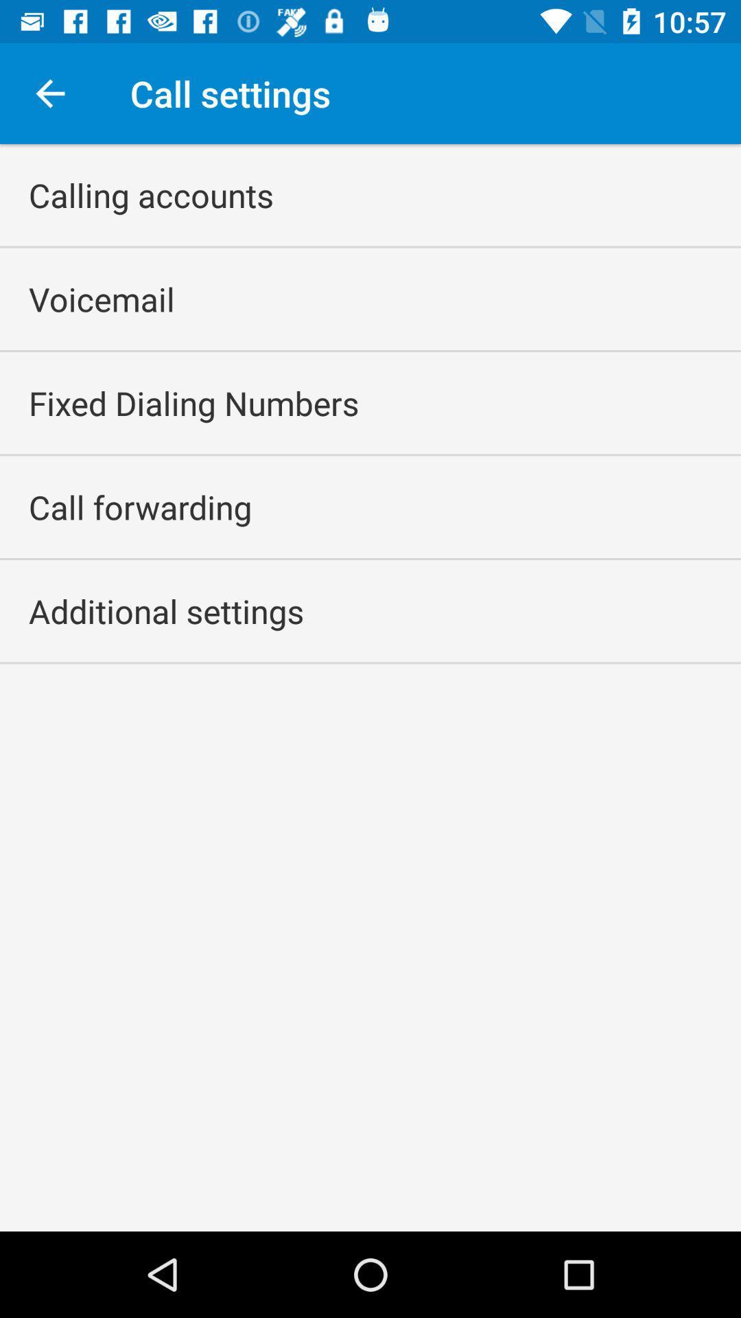 This screenshot has height=1318, width=741. I want to click on item above the voicemail icon, so click(151, 194).